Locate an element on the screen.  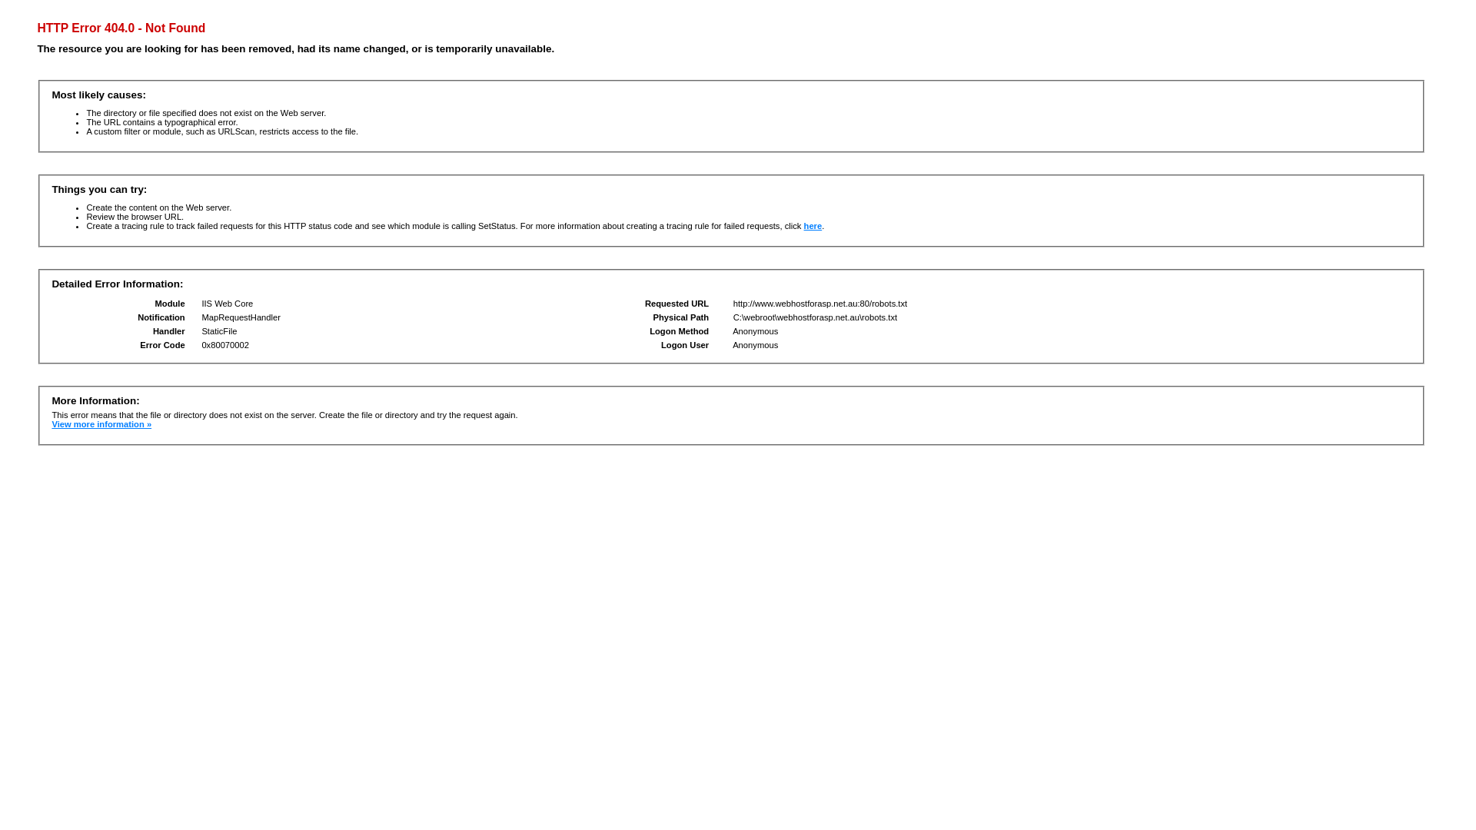
'here' is located at coordinates (803, 225).